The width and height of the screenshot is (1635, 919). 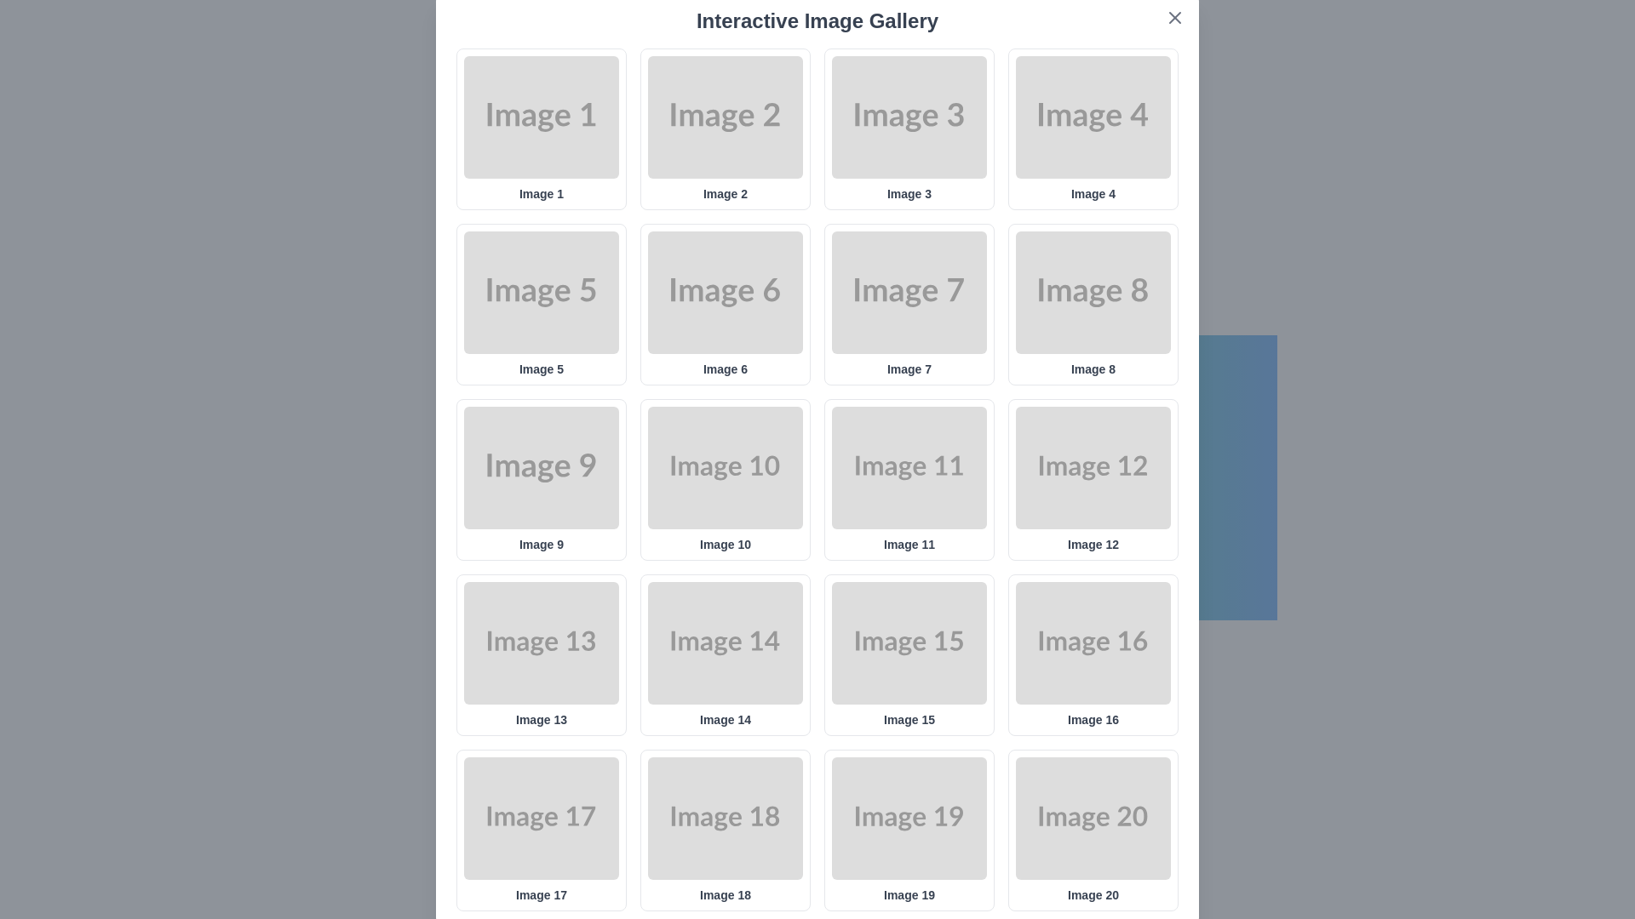 What do you see at coordinates (1174, 17) in the screenshot?
I see `the close button located at the top-right corner of the dialog` at bounding box center [1174, 17].